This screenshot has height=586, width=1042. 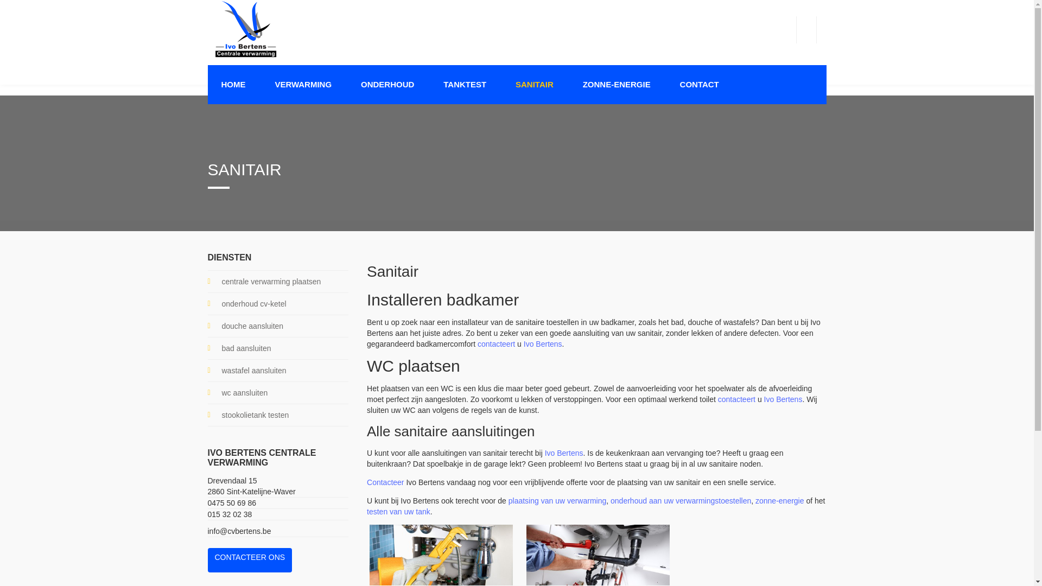 I want to click on 'douche aansluiten', so click(x=277, y=326).